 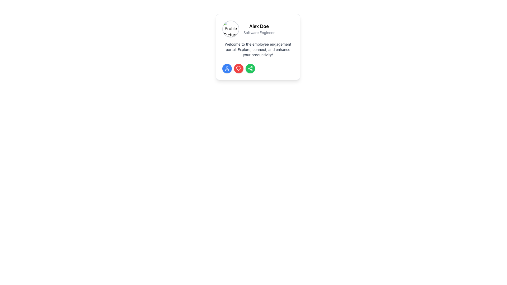 I want to click on the sharing icon located within a green circular button at the bottom right of the card interface, so click(x=250, y=68).